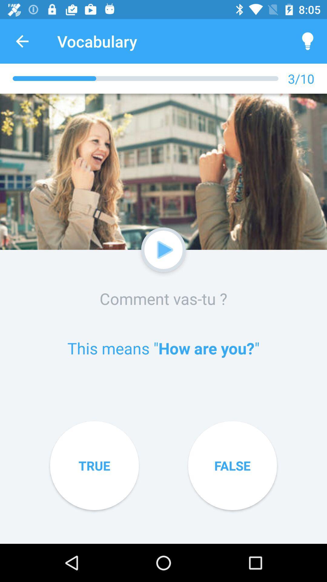 This screenshot has height=582, width=327. What do you see at coordinates (308, 41) in the screenshot?
I see `the item to the right of vocabulary app` at bounding box center [308, 41].